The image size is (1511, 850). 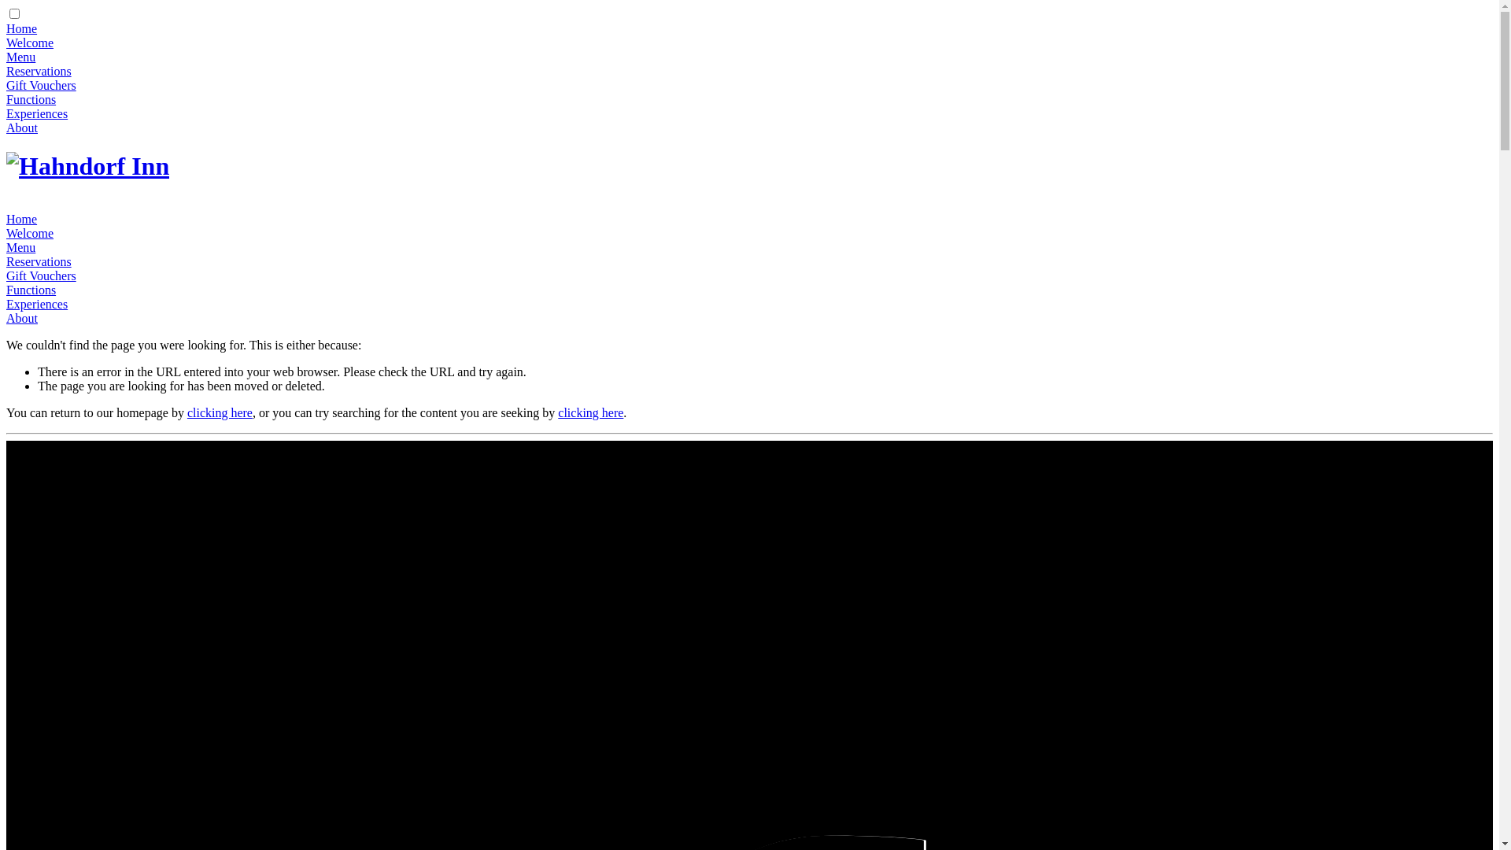 I want to click on 'About', so click(x=6, y=318).